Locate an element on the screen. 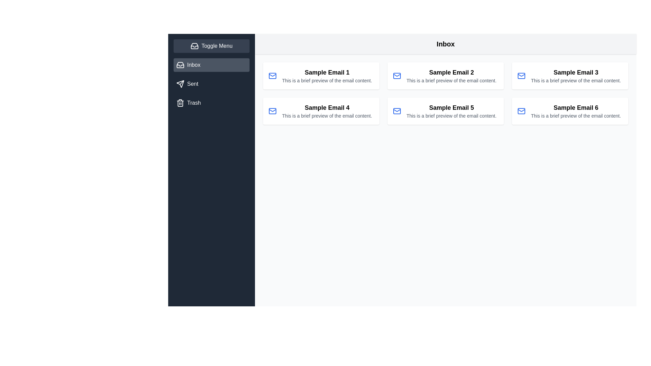  the 'Toggle Menu' button, which features an inbox icon and is located at the top of the vertical navigation sidebar is located at coordinates (211, 46).